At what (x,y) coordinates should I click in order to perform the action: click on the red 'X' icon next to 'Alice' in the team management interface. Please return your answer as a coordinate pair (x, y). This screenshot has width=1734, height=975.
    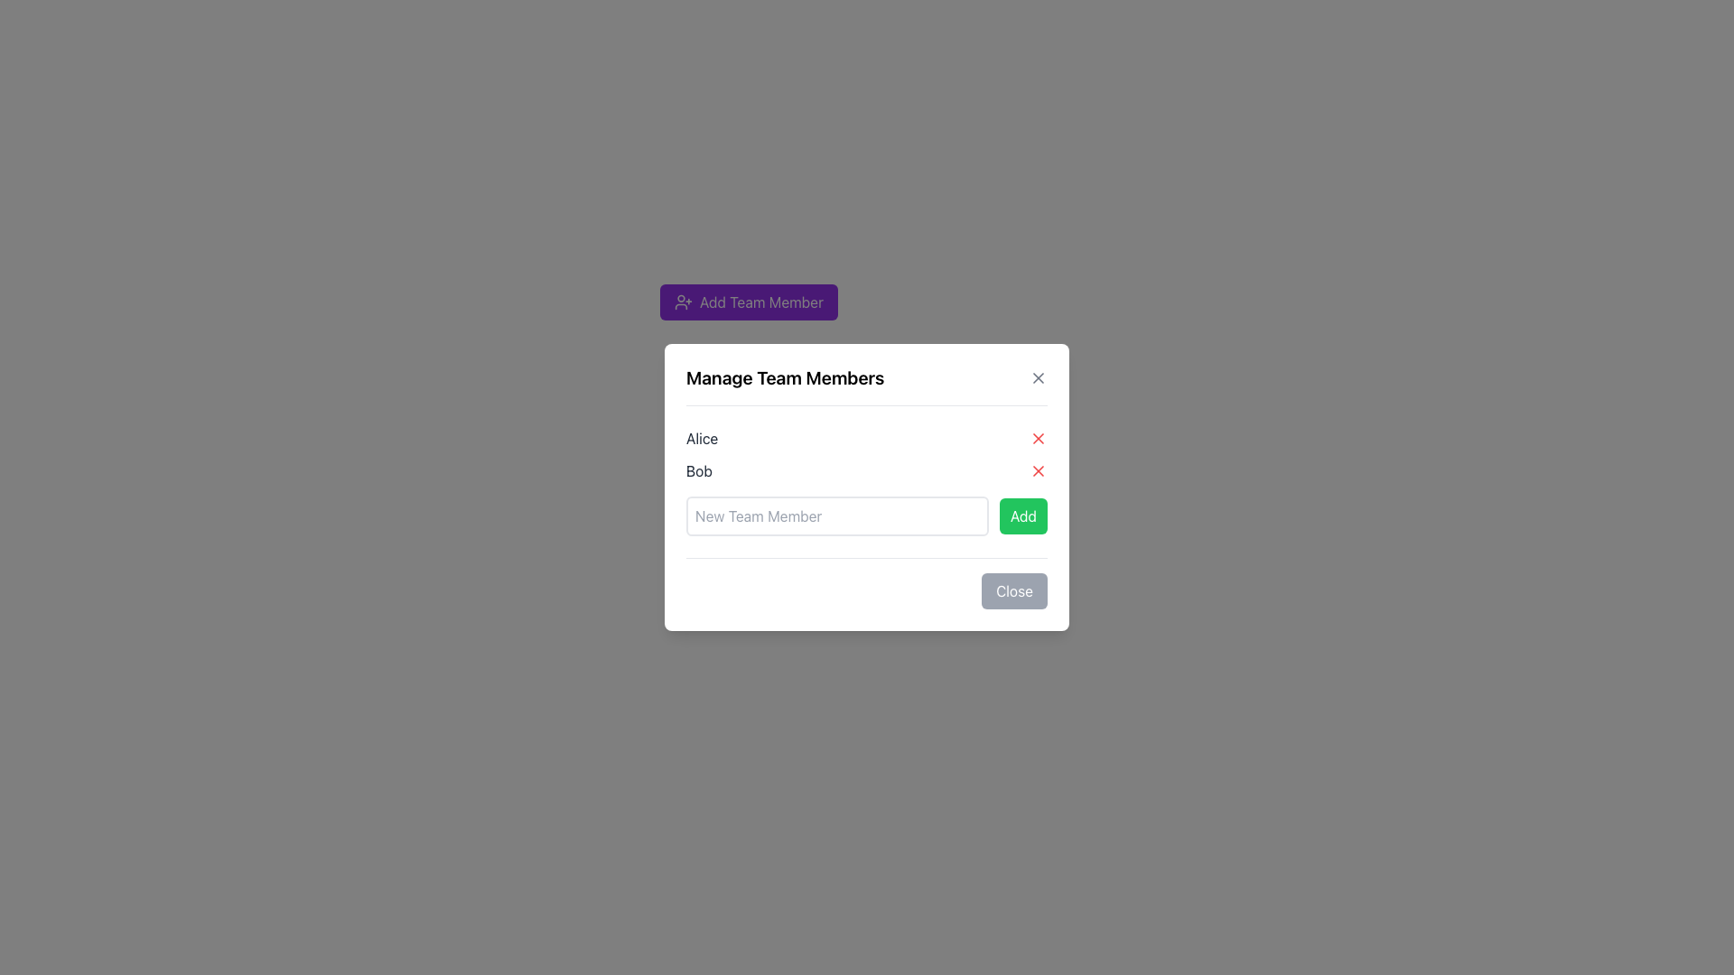
    Looking at the image, I should click on (1039, 439).